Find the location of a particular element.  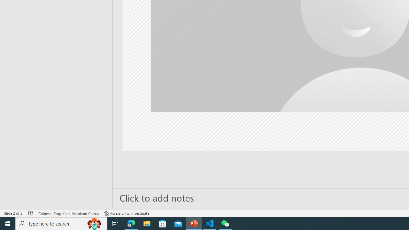

'Spell Check No Errors' is located at coordinates (30, 213).